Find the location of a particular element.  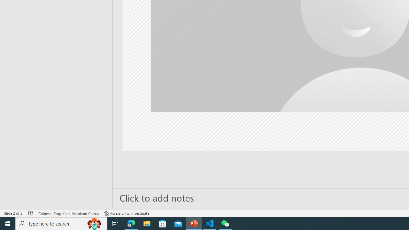

'Spell Check No Errors' is located at coordinates (30, 213).